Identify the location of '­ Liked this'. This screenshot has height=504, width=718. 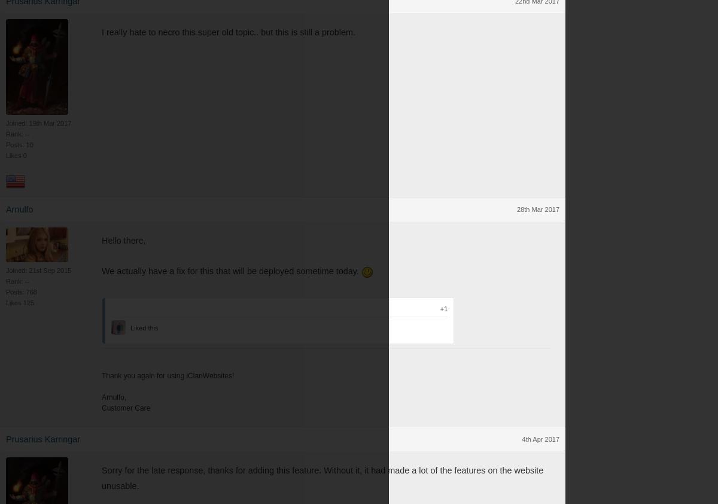
(142, 327).